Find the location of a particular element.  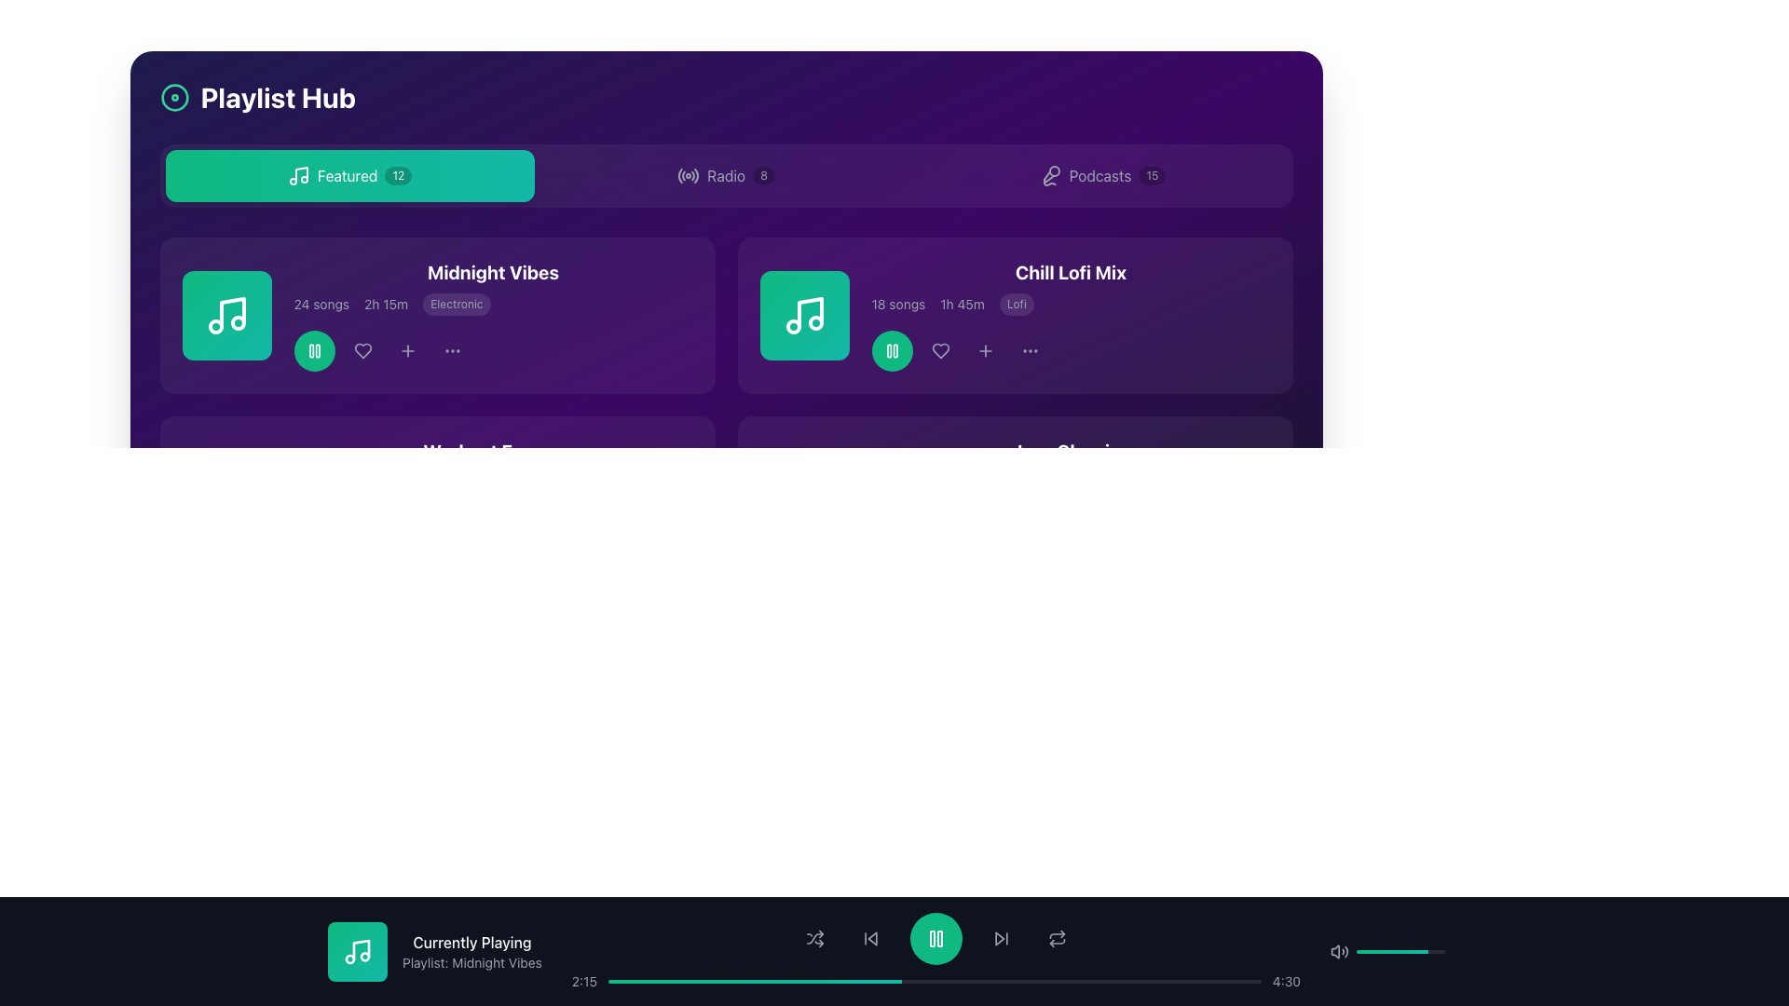

the decorative SVG circle element located within the music note icon of the second item in the playlist, specifically to the right of the 'Midnight Vibes' entry in the Chill Lofi Mix section is located at coordinates (815, 322).